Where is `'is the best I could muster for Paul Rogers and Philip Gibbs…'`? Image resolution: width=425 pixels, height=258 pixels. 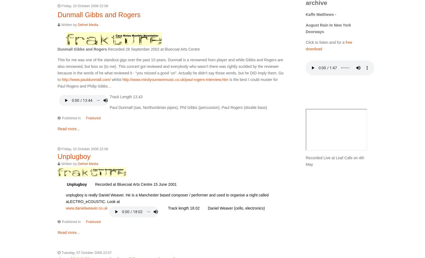
'is the best I could muster for Paul Rogers and Philip Gibbs…' is located at coordinates (168, 82).